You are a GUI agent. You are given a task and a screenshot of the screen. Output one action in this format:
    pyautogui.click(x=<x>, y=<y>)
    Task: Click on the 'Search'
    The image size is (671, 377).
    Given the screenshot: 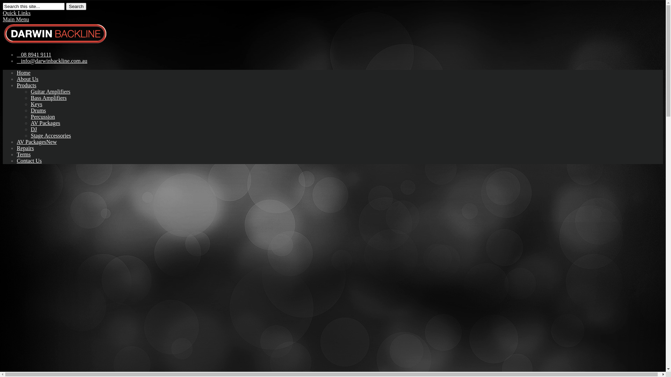 What is the action you would take?
    pyautogui.click(x=76, y=6)
    